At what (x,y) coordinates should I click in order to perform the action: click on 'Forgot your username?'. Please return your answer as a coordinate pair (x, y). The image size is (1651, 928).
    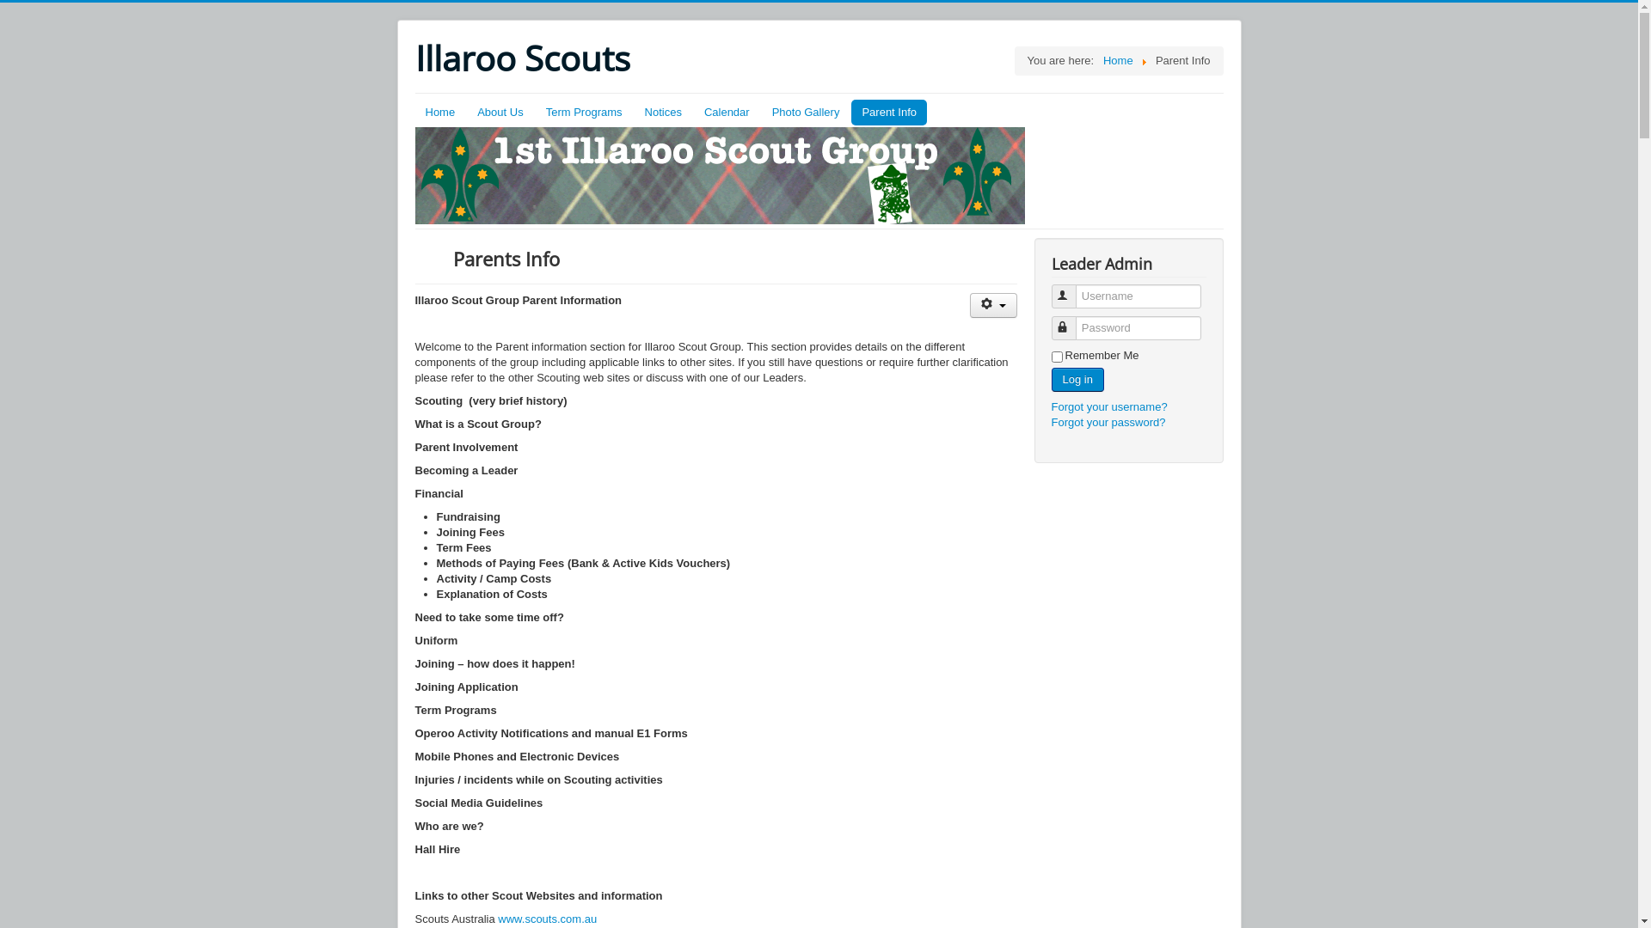
    Looking at the image, I should click on (1108, 406).